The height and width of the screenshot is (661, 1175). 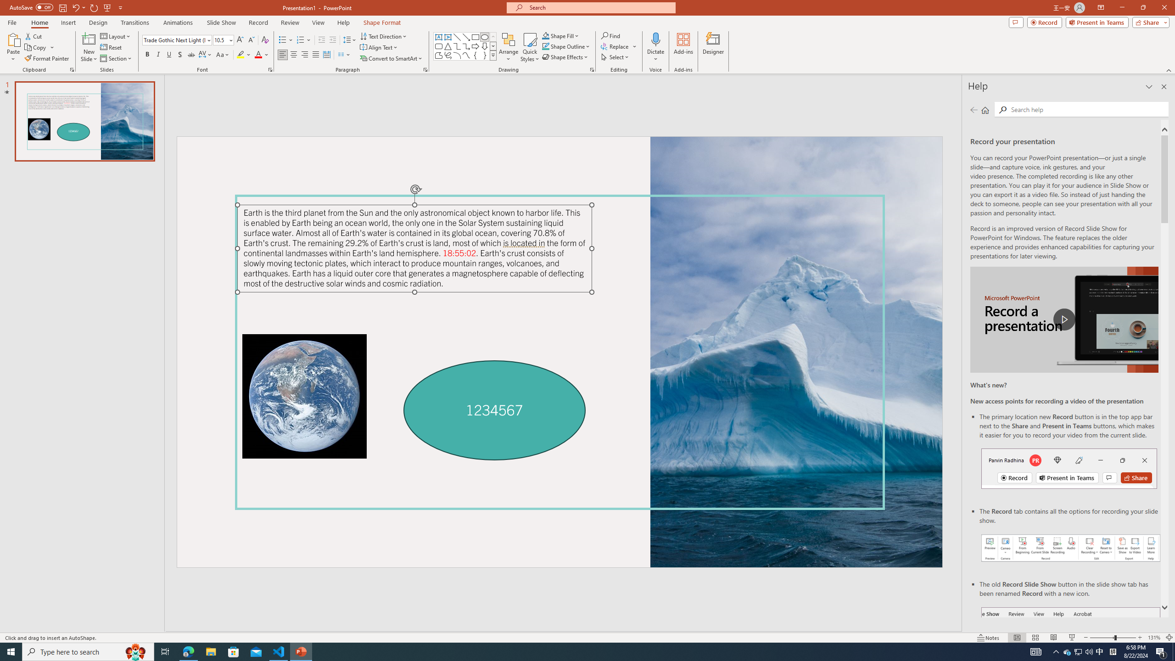 What do you see at coordinates (147, 54) in the screenshot?
I see `'Bold'` at bounding box center [147, 54].